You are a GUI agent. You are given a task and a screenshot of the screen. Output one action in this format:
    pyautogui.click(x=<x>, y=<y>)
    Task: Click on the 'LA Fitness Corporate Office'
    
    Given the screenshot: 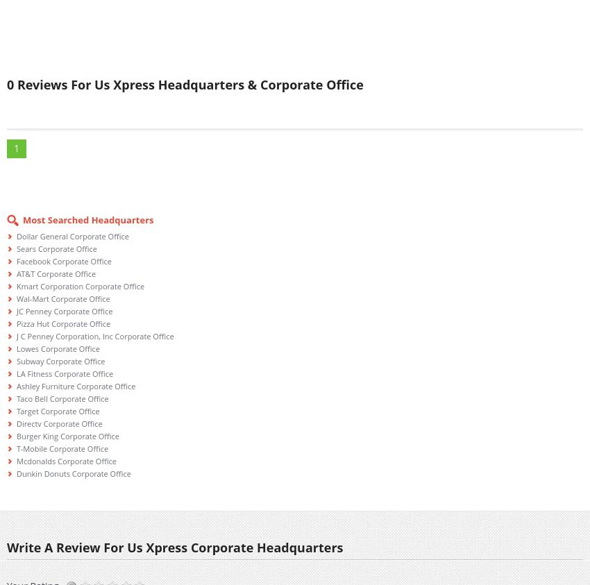 What is the action you would take?
    pyautogui.click(x=64, y=373)
    